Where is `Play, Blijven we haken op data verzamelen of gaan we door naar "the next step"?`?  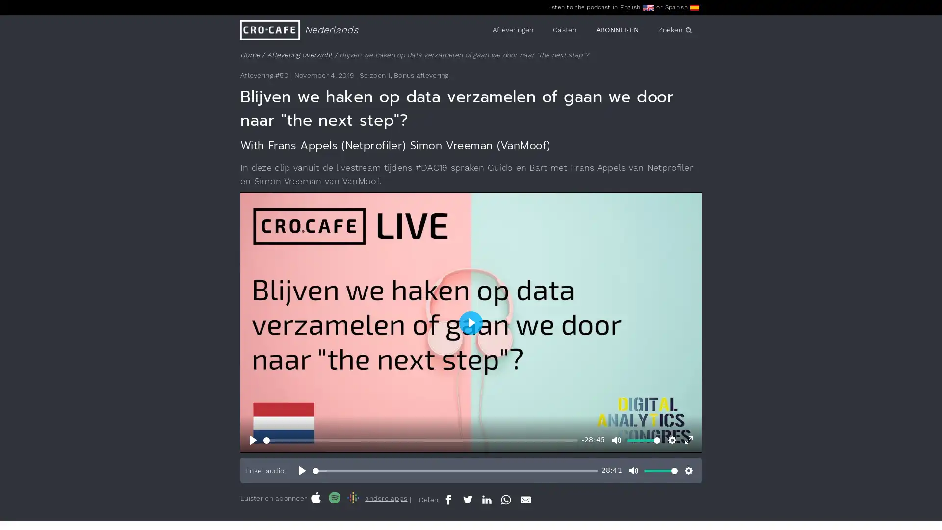 Play, Blijven we haken op data verzamelen of gaan we door naar "the next step"? is located at coordinates (471, 322).